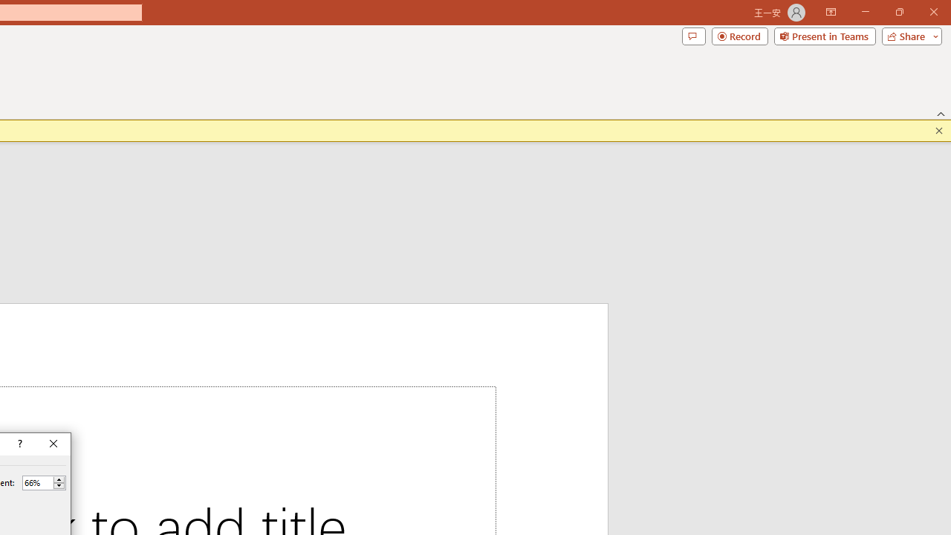 The width and height of the screenshot is (951, 535). Describe the element at coordinates (19, 443) in the screenshot. I see `'Context help'` at that location.